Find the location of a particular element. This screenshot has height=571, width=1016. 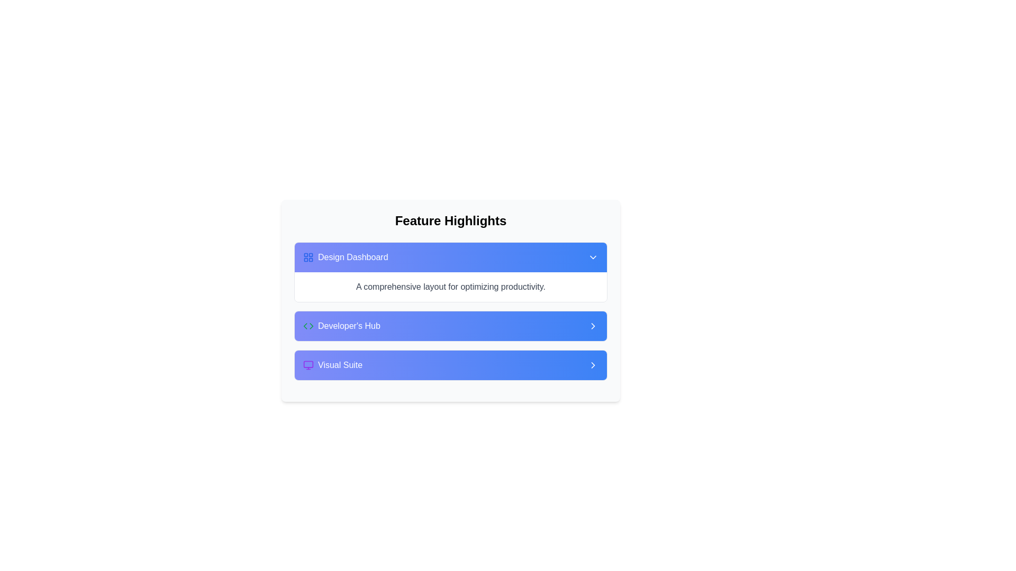

the Chevron icon located on the right side of the 'Developer's Hub' section is located at coordinates (593, 326).